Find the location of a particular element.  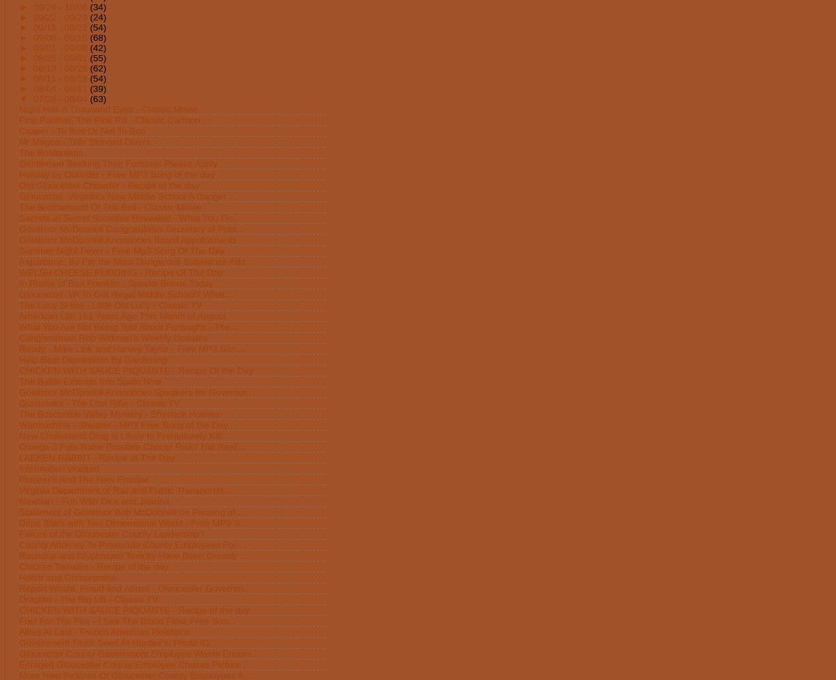

'Casper - To Boo Or Not To Boo' is located at coordinates (82, 129).